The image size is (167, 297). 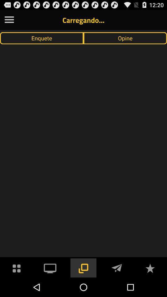 What do you see at coordinates (150, 267) in the screenshot?
I see `favorite` at bounding box center [150, 267].